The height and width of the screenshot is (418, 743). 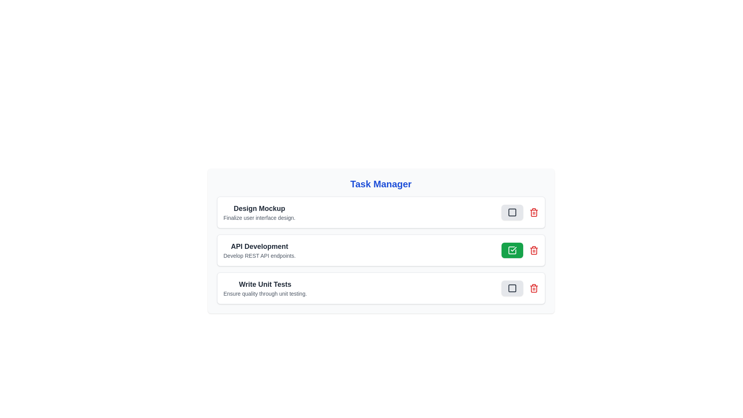 What do you see at coordinates (512, 212) in the screenshot?
I see `the checkbox located to the left of the red trash icon within the 'Design Mockup' task card for potential visual feedback` at bounding box center [512, 212].